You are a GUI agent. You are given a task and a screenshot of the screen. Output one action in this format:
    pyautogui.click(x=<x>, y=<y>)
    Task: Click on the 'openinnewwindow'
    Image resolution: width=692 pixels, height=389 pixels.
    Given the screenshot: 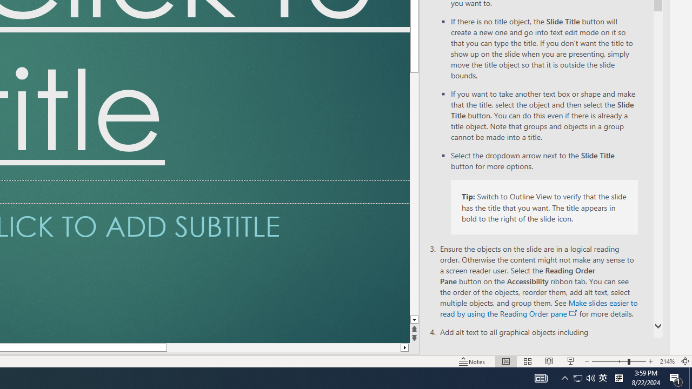 What is the action you would take?
    pyautogui.click(x=573, y=313)
    